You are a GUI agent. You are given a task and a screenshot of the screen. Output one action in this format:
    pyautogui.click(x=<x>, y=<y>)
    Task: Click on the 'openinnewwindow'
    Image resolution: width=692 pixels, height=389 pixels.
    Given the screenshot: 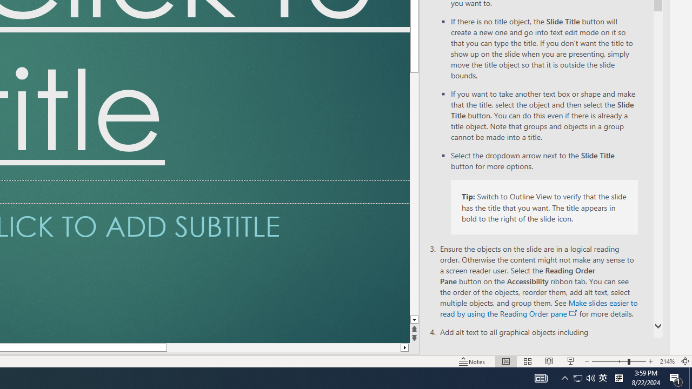 What is the action you would take?
    pyautogui.click(x=573, y=313)
    